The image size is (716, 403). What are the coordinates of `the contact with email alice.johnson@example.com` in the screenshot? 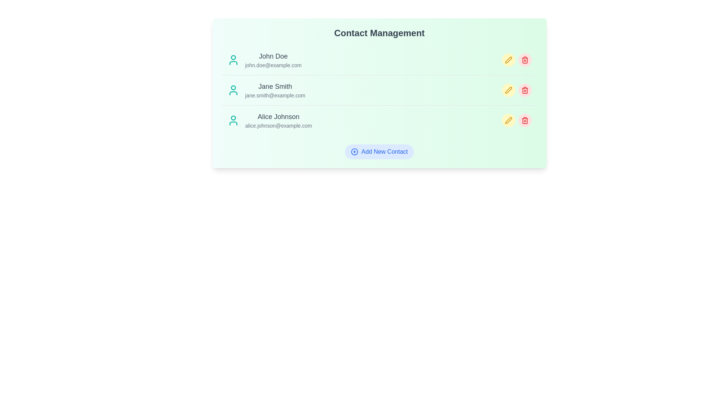 It's located at (278, 120).